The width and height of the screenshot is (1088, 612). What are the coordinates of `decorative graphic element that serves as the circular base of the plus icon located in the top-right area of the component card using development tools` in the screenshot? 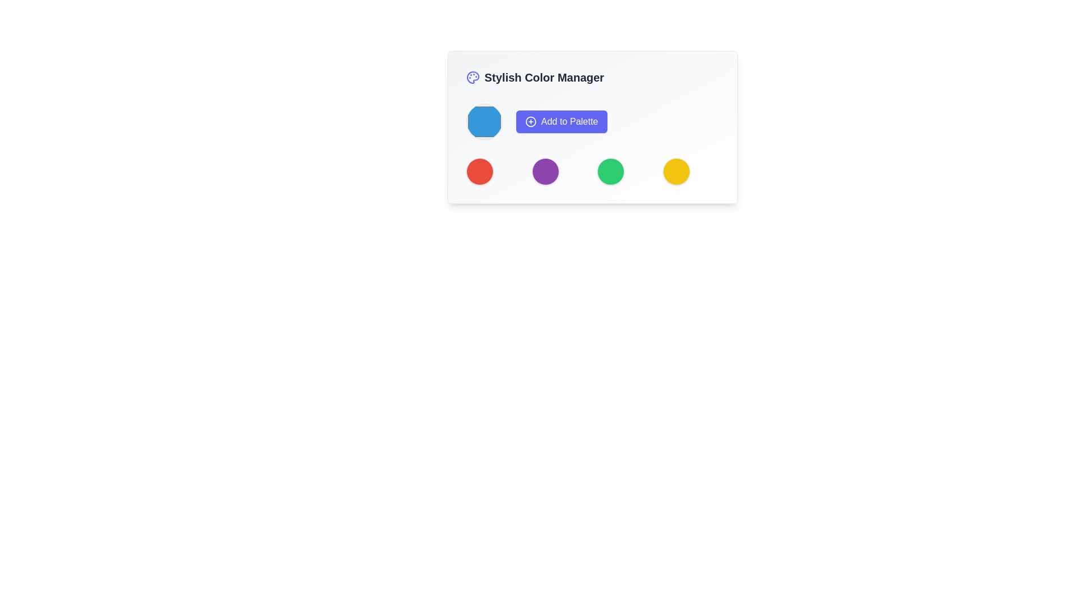 It's located at (530, 122).